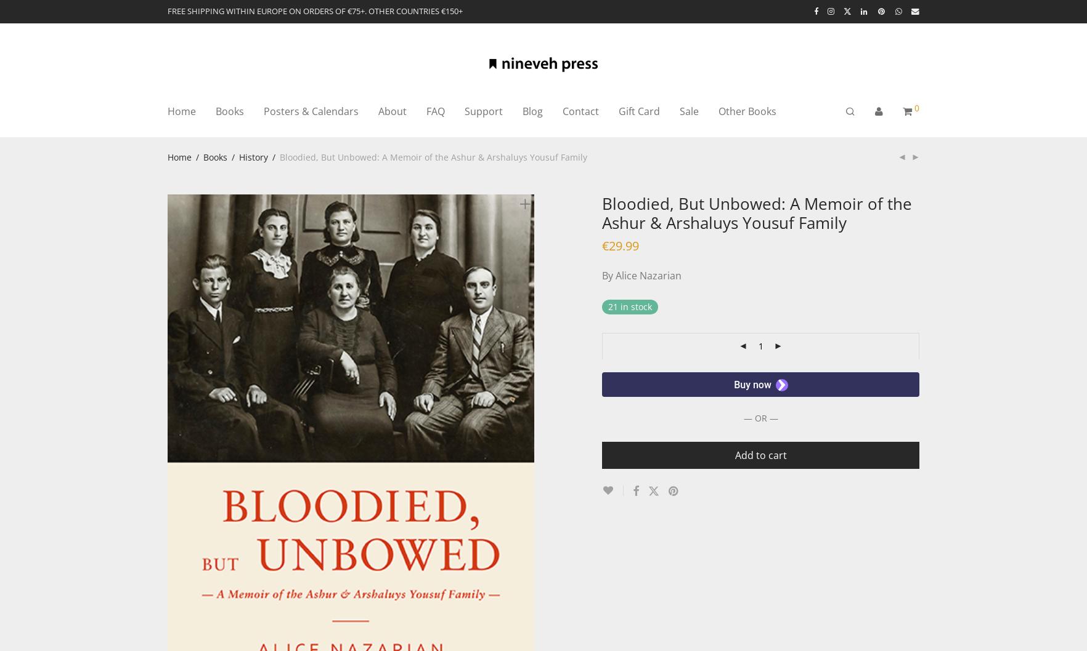 This screenshot has width=1087, height=651. I want to click on '— OR —', so click(760, 417).